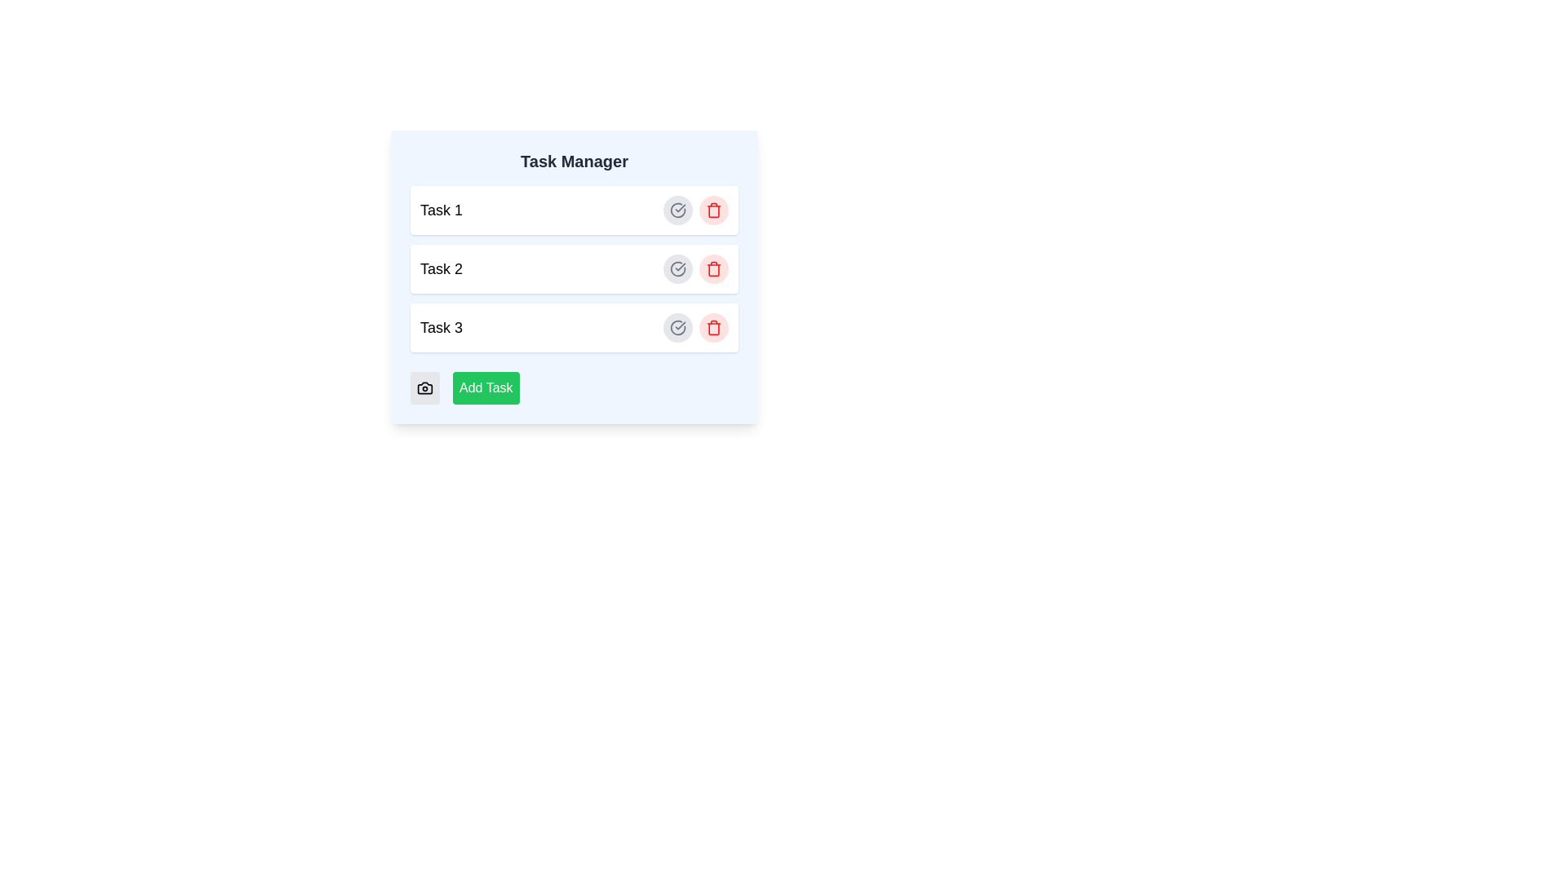 The height and width of the screenshot is (881, 1567). What do you see at coordinates (677, 210) in the screenshot?
I see `the circular button with a gray background and centered checkmark icon located at the top-right corner of the row associated with 'Task 1'` at bounding box center [677, 210].